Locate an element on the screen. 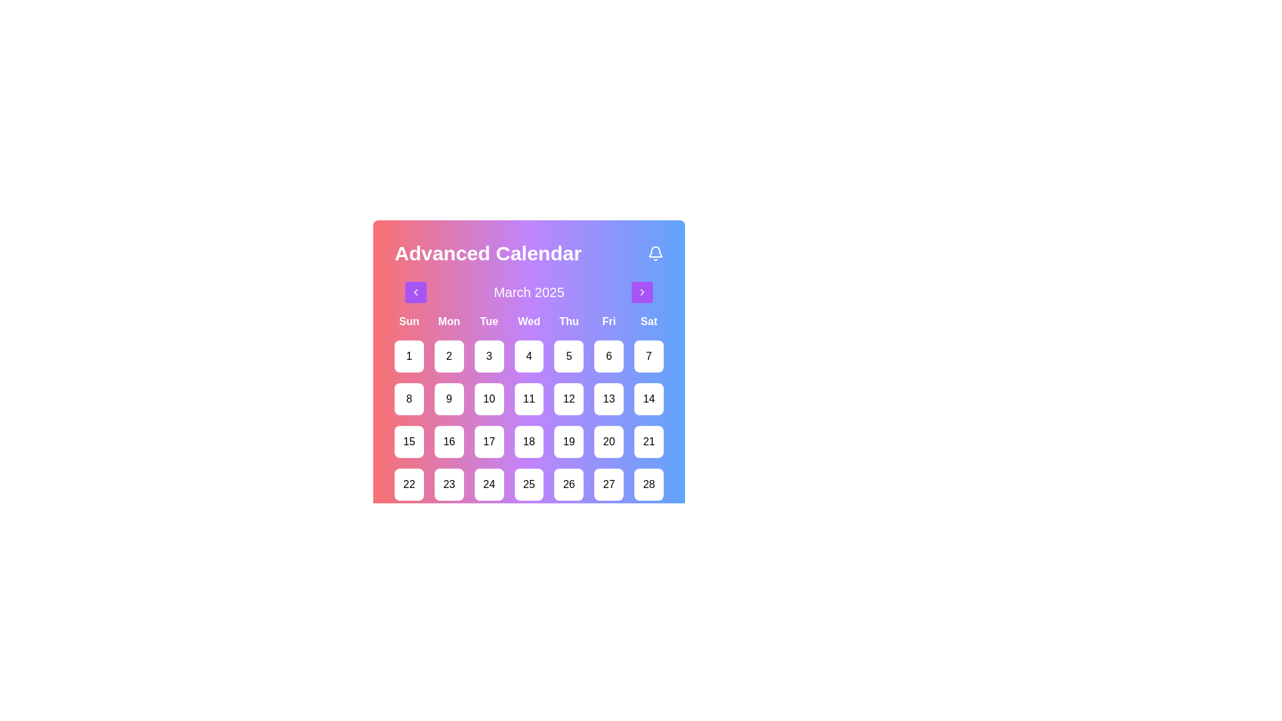 This screenshot has width=1282, height=721. the calendar cell displaying the date '4' located under the 'Wed' column in the first row of numbered days is located at coordinates (528, 355).